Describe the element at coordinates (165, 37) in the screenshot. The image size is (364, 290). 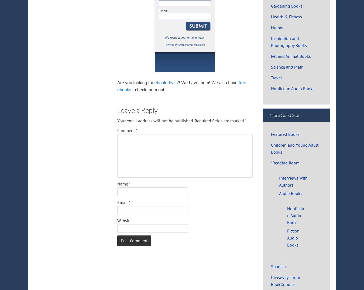
I see `'We respect your'` at that location.